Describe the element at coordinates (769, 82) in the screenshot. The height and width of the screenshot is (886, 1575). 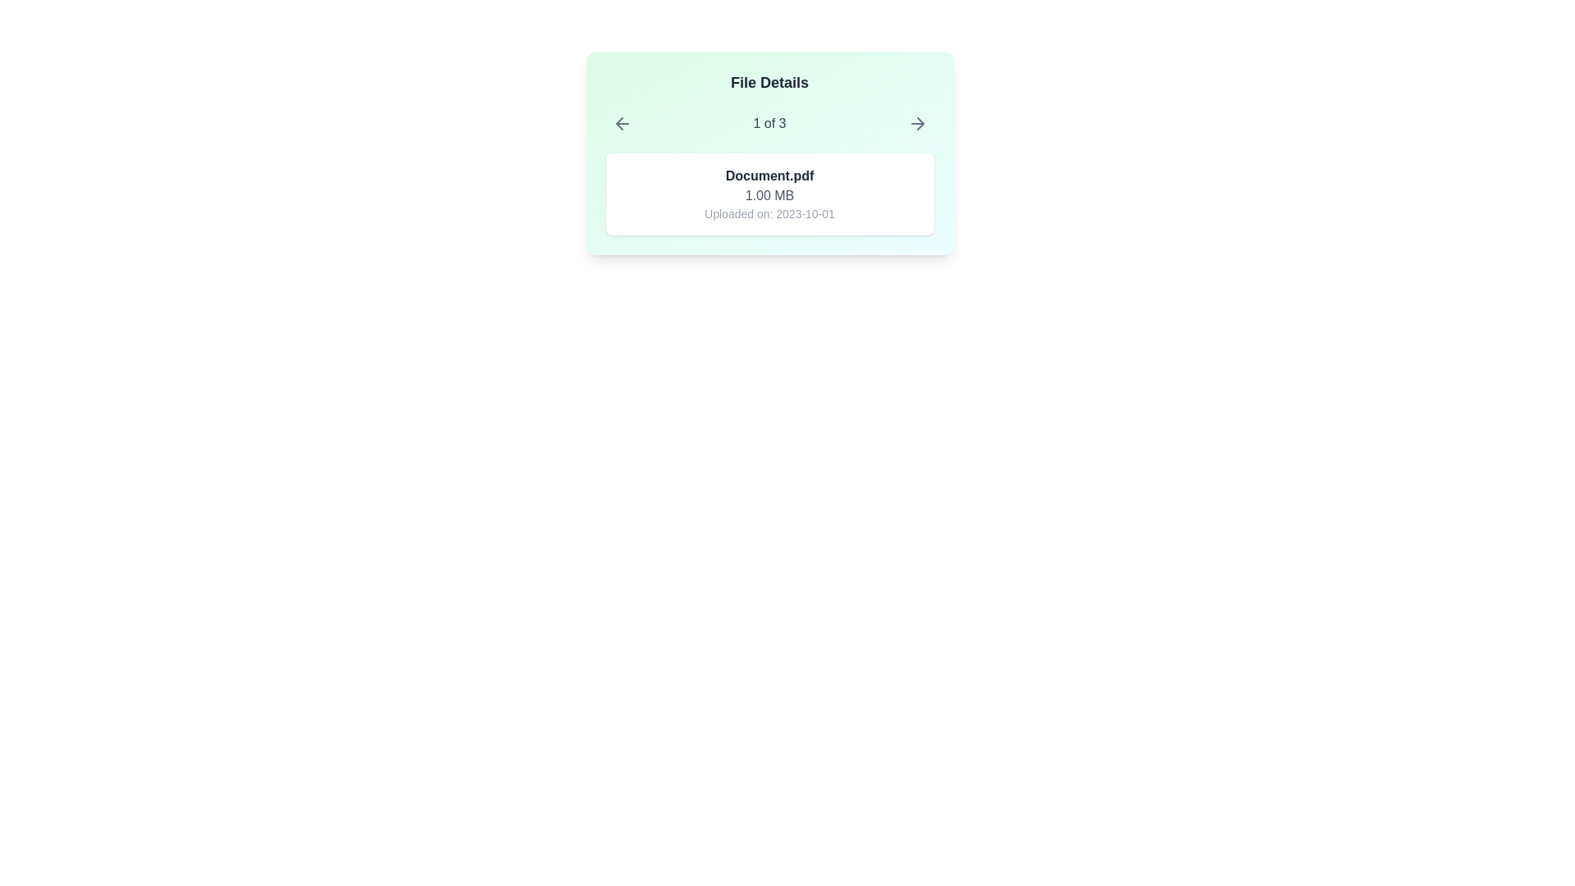
I see `the 'File Details' text label, which is prominently positioned at the top of a card layout with a bold font and gradient background` at that location.